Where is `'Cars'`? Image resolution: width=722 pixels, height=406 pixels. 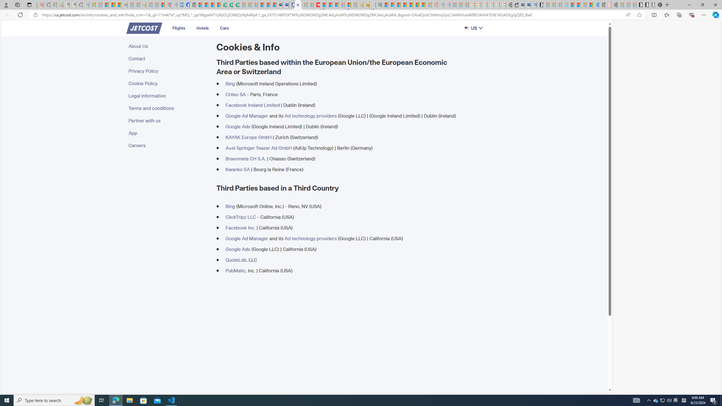
'Cars' is located at coordinates (224, 28).